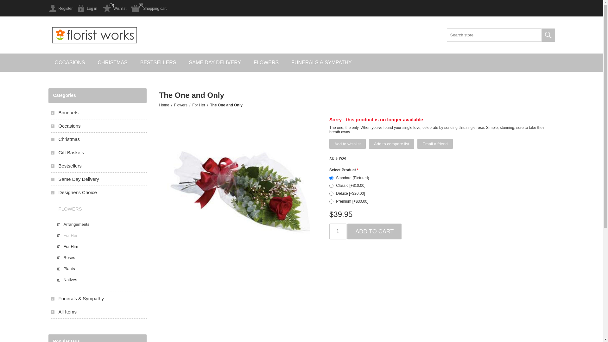 Image resolution: width=608 pixels, height=342 pixels. Describe the element at coordinates (238, 179) in the screenshot. I see `'Picture of The One and Only'` at that location.